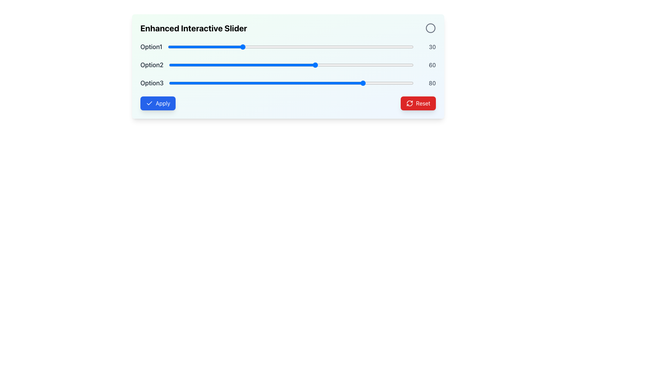 The height and width of the screenshot is (376, 669). Describe the element at coordinates (291, 47) in the screenshot. I see `the slider handle of the Range Slider for 'Option1', currently set at 30, from its position` at that location.